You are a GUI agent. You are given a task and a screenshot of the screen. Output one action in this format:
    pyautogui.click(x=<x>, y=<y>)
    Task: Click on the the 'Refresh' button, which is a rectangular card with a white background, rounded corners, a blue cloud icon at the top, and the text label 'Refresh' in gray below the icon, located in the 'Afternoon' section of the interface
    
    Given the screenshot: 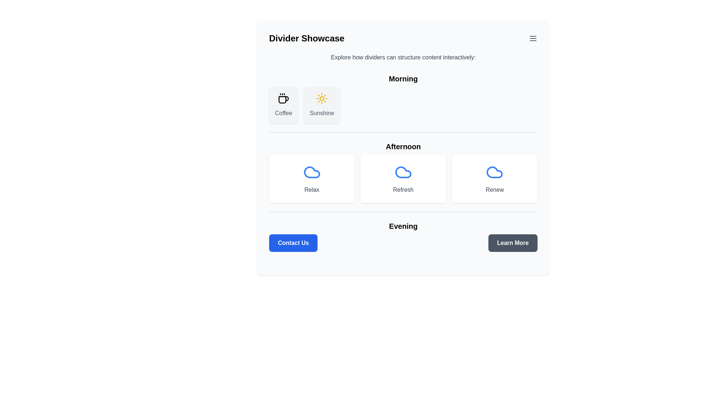 What is the action you would take?
    pyautogui.click(x=403, y=179)
    